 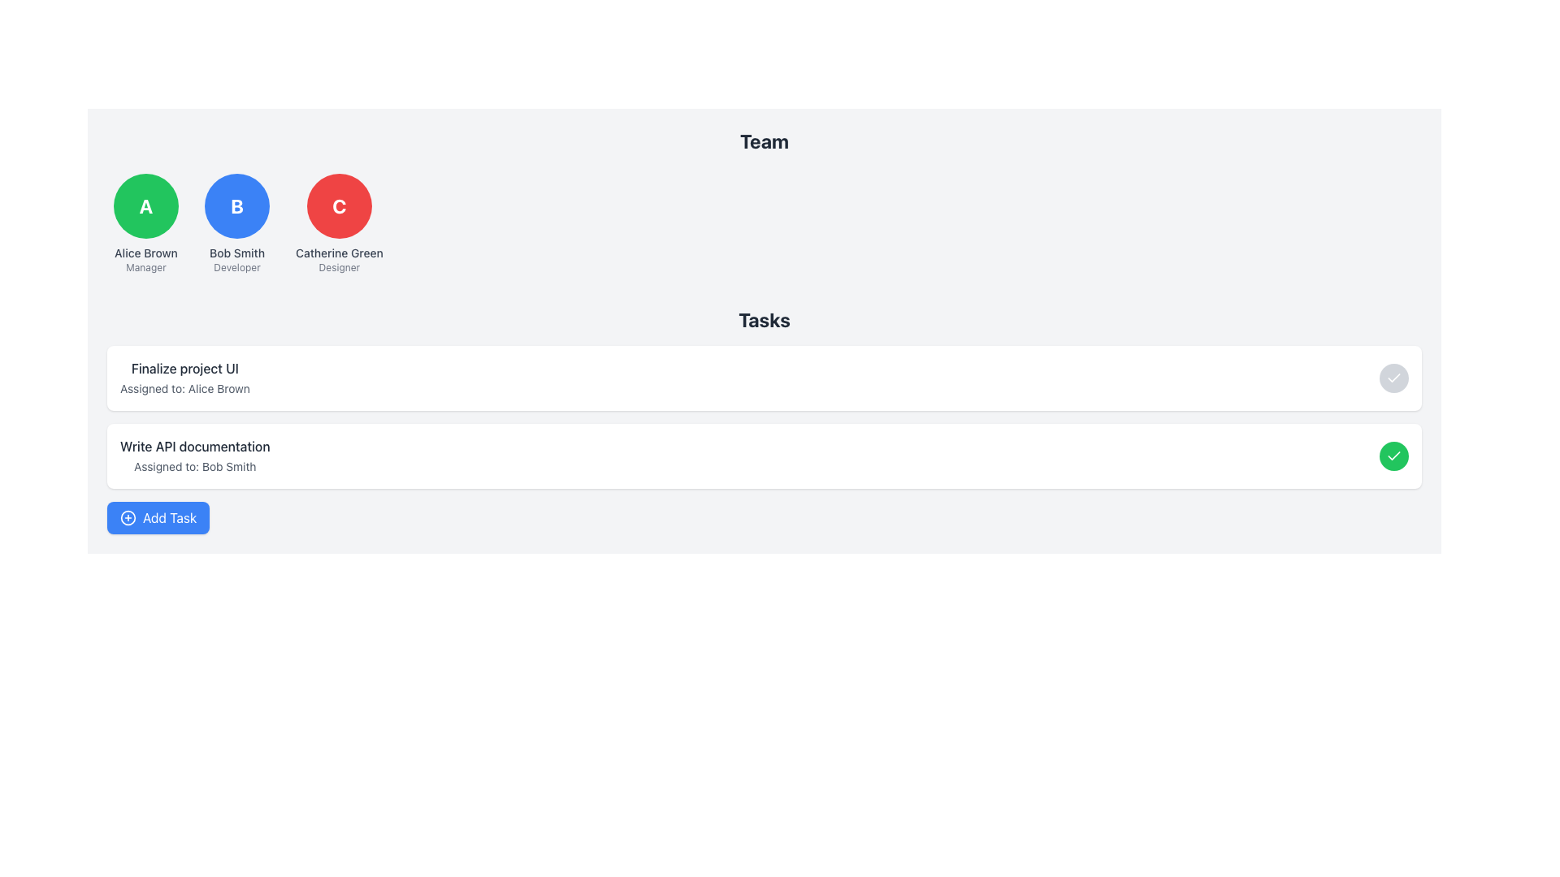 I want to click on the leftmost circular red button labeled 'C', so click(x=338, y=205).